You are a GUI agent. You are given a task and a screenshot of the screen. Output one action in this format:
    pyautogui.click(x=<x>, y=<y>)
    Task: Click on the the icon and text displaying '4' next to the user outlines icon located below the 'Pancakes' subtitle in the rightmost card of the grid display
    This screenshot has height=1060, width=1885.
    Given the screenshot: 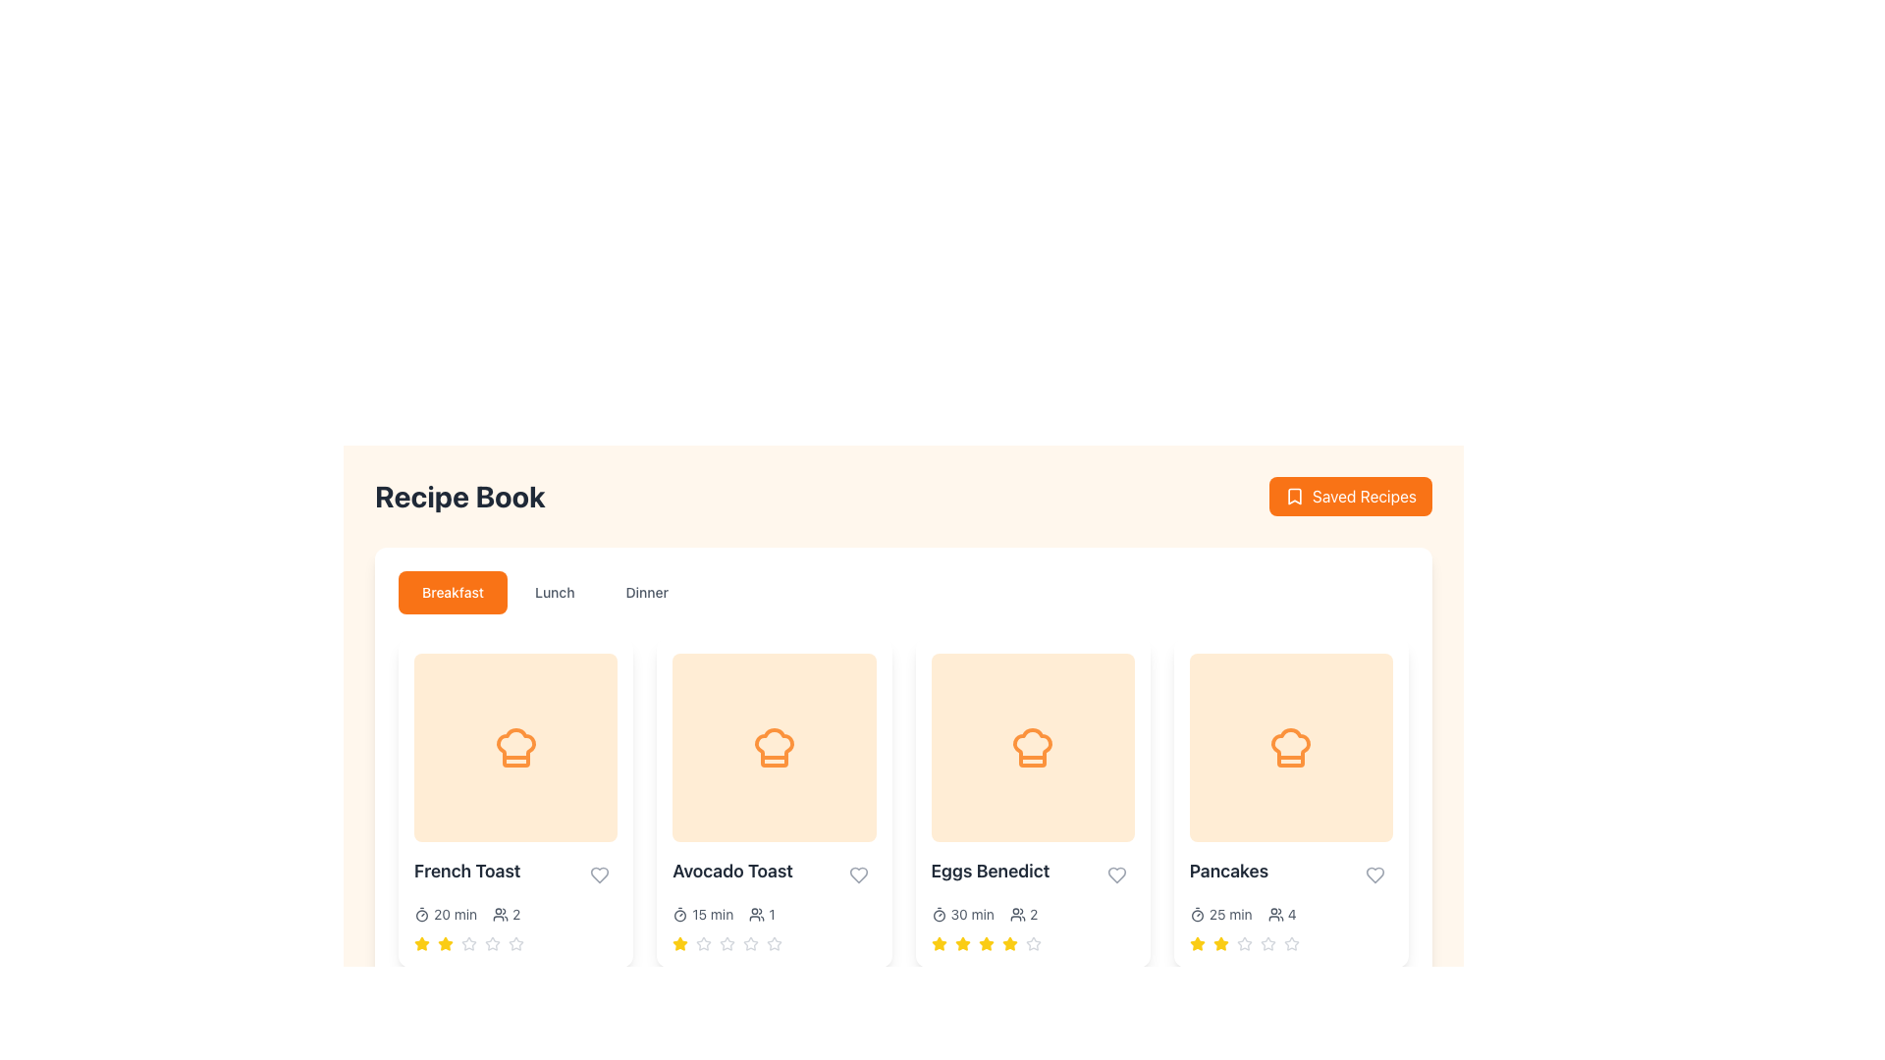 What is the action you would take?
    pyautogui.click(x=1282, y=915)
    